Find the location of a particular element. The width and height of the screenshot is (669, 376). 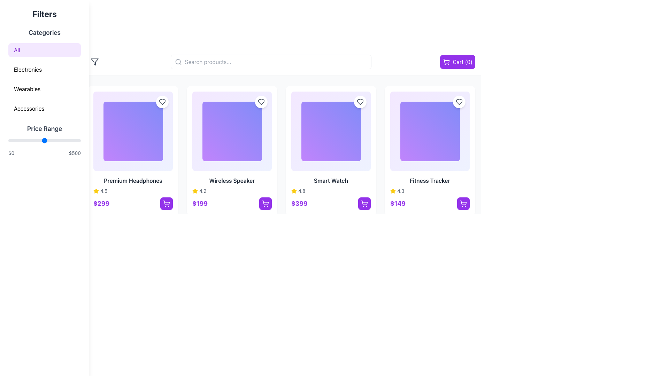

the text label displaying the value '$500', which is styled in gray font and positioned to the right of the '$0' label in the price range section is located at coordinates (75, 152).